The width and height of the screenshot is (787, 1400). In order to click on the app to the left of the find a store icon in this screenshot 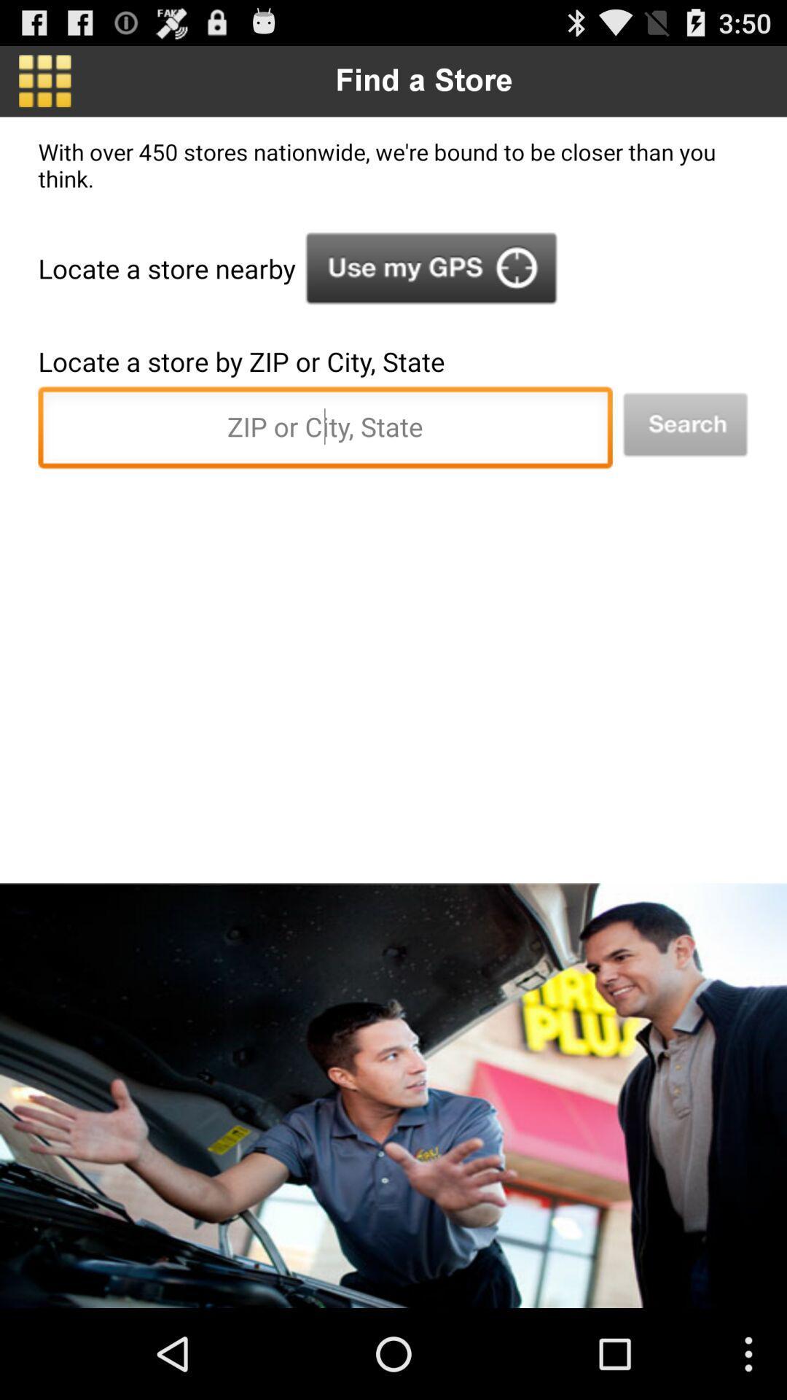, I will do `click(44, 80)`.